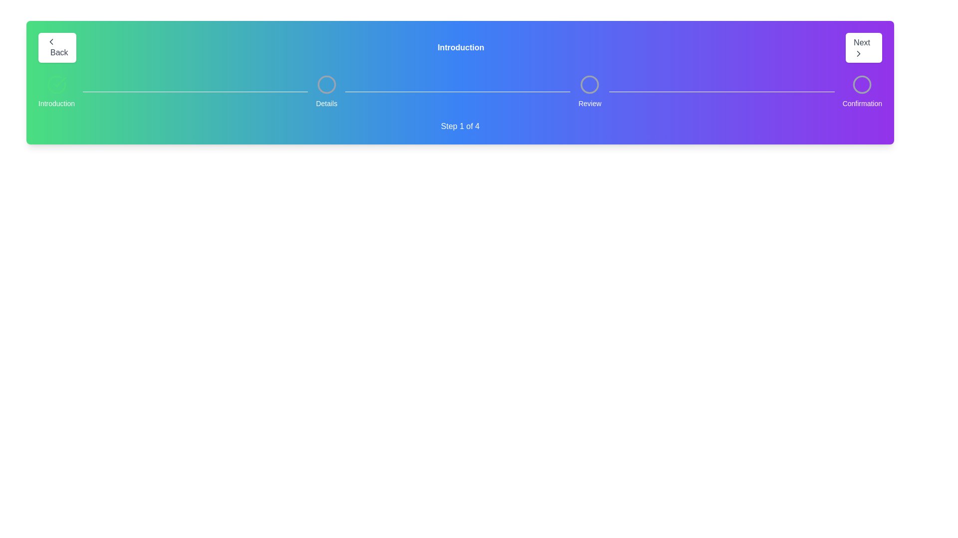 The width and height of the screenshot is (958, 538). Describe the element at coordinates (50, 41) in the screenshot. I see `the chevron icon next to the 'Back' button` at that location.